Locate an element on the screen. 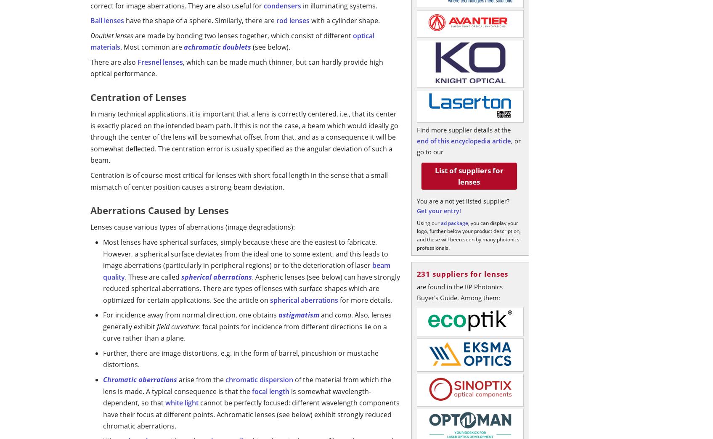  'Get your entry!' is located at coordinates (416, 211).